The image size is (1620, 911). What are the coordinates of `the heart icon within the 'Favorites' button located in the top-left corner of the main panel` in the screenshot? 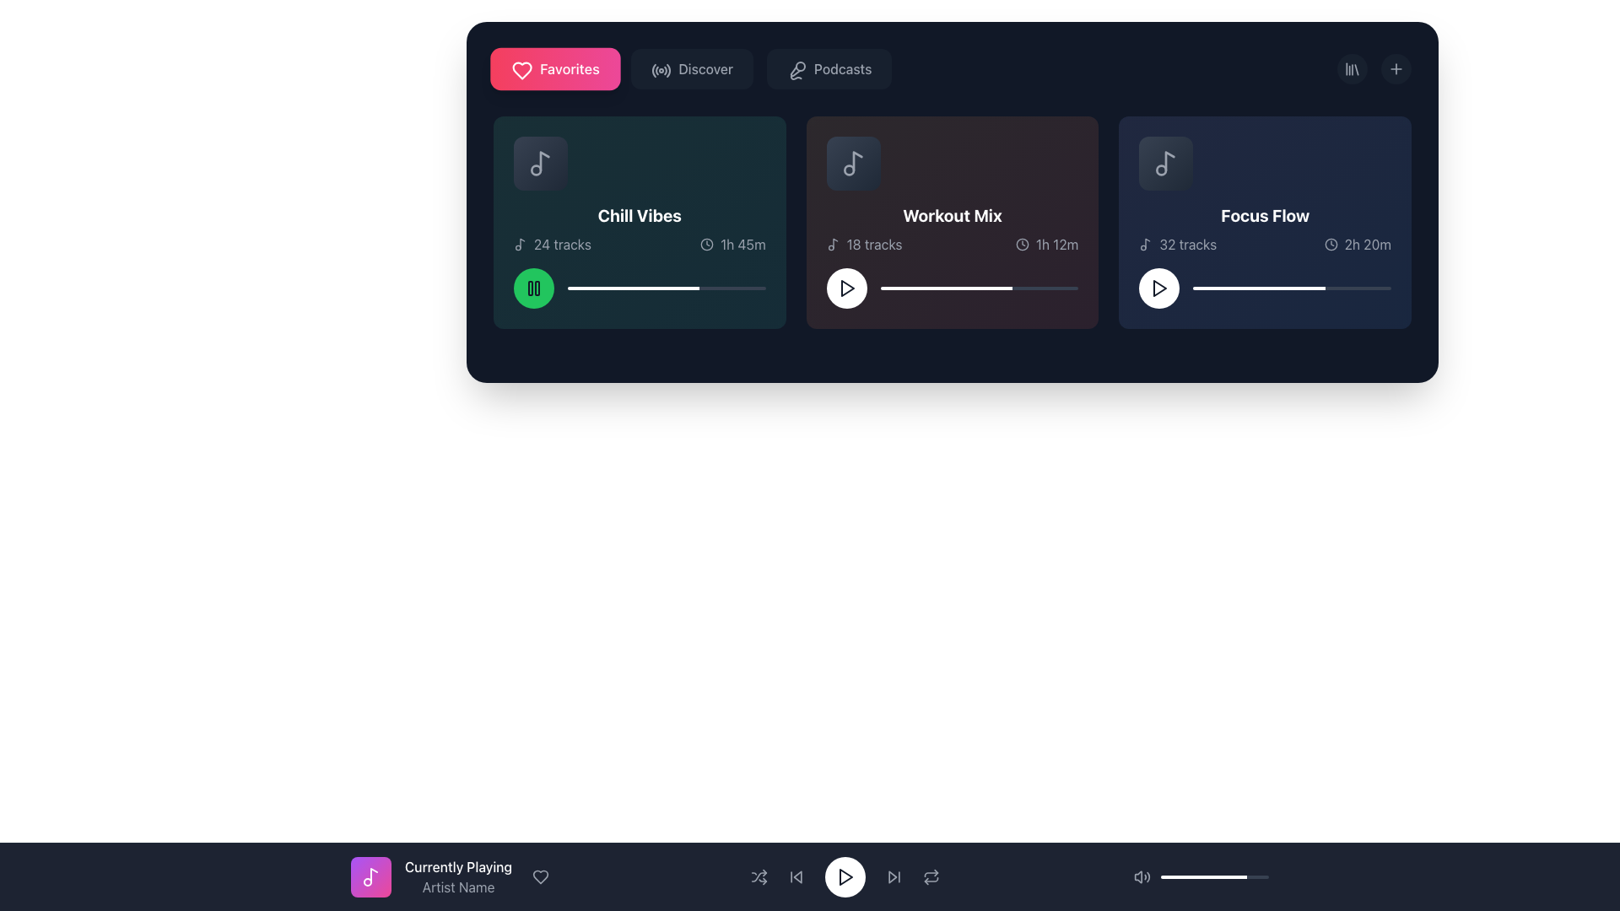 It's located at (521, 70).